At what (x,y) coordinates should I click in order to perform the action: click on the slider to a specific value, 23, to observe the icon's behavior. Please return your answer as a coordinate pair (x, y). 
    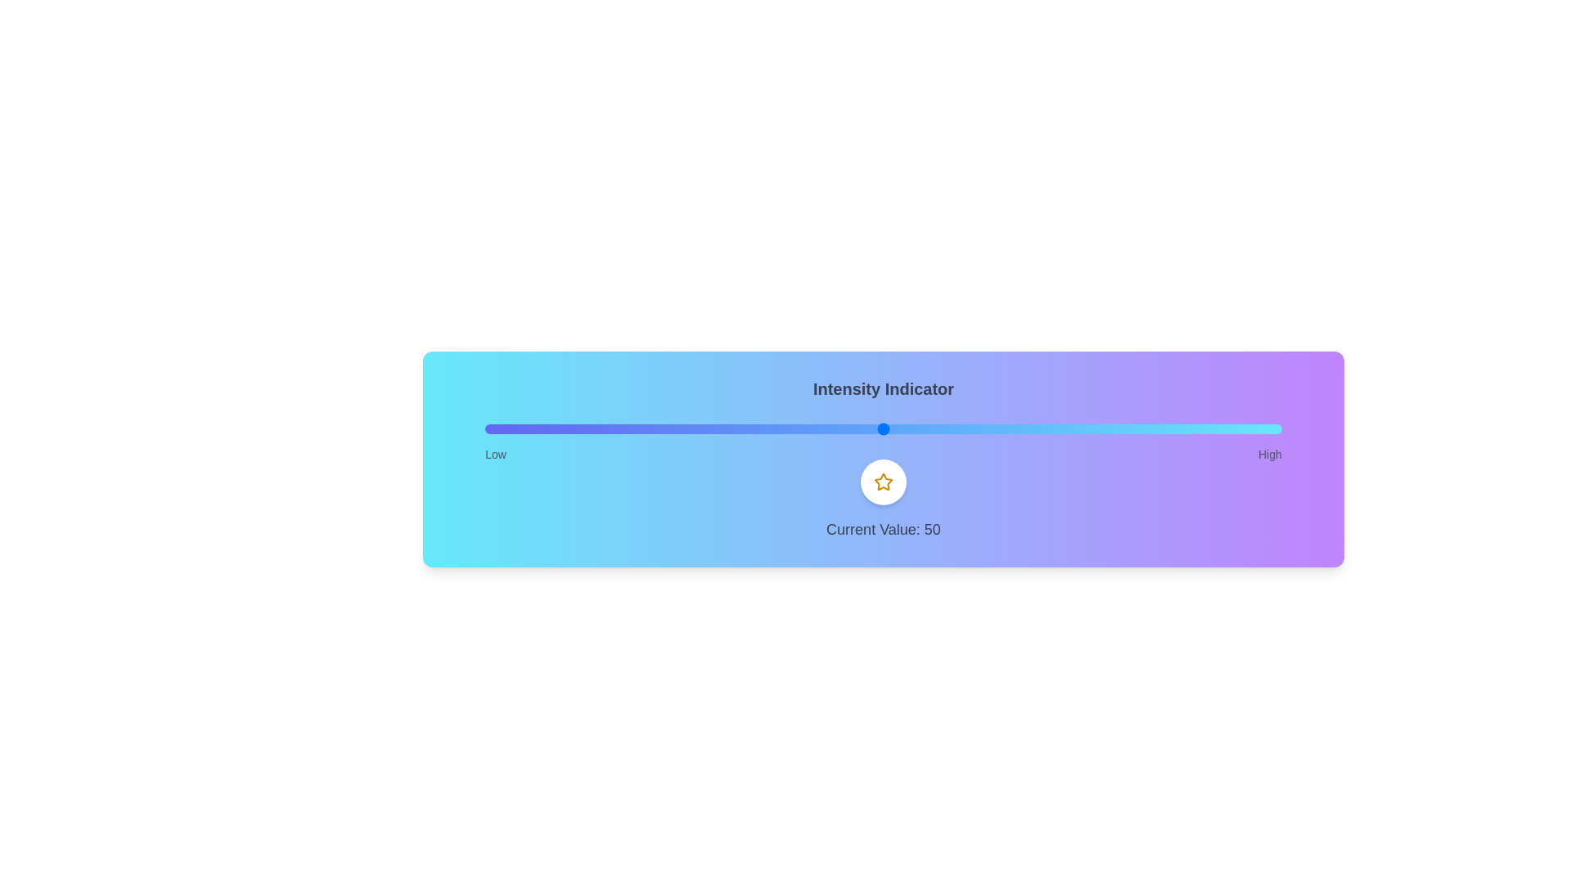
    Looking at the image, I should click on (668, 428).